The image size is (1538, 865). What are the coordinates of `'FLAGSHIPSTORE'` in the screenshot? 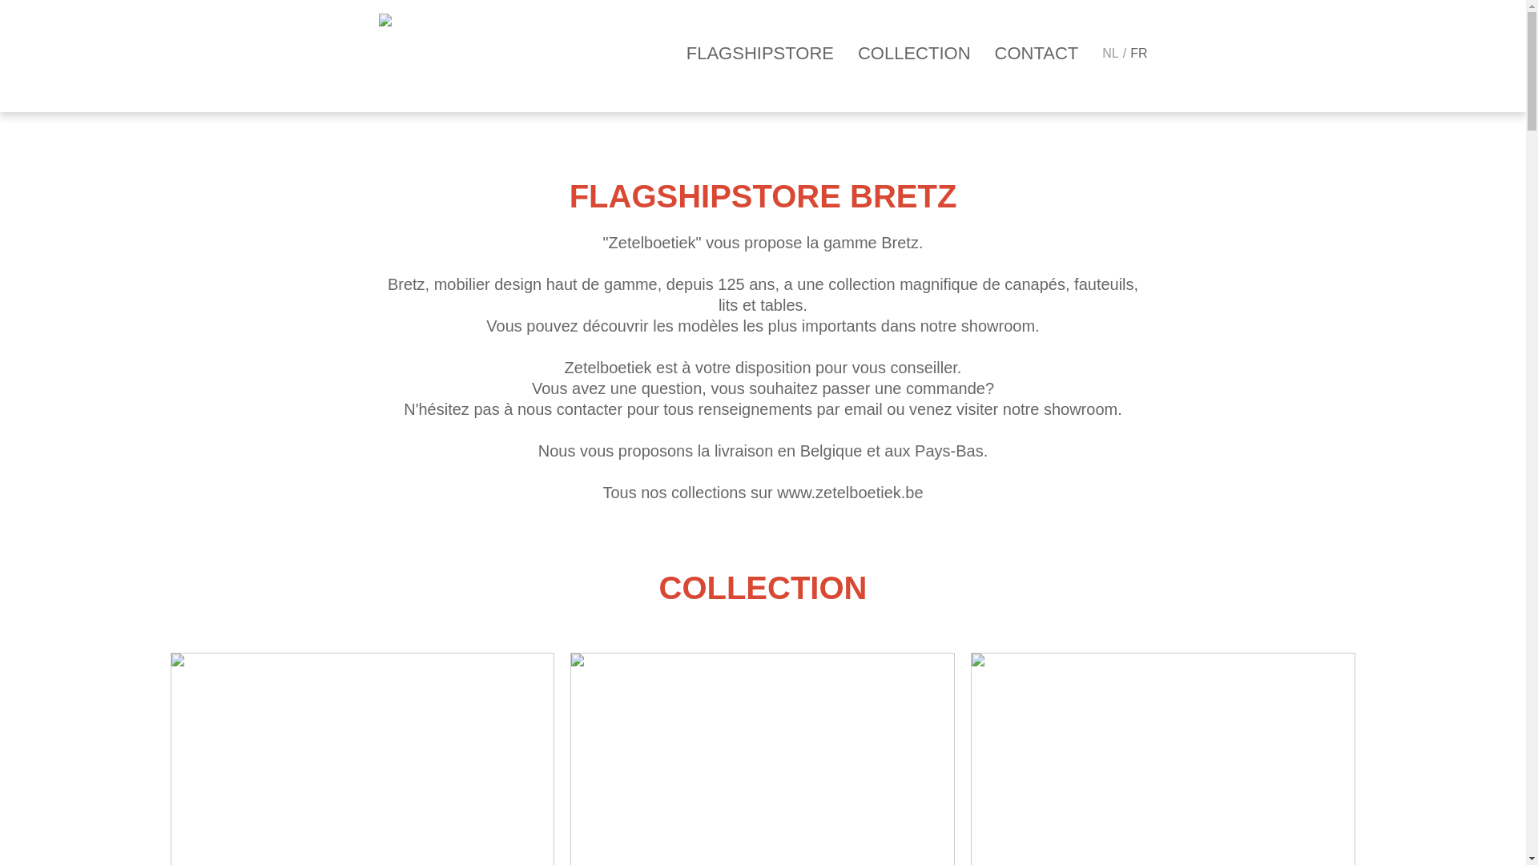 It's located at (759, 52).